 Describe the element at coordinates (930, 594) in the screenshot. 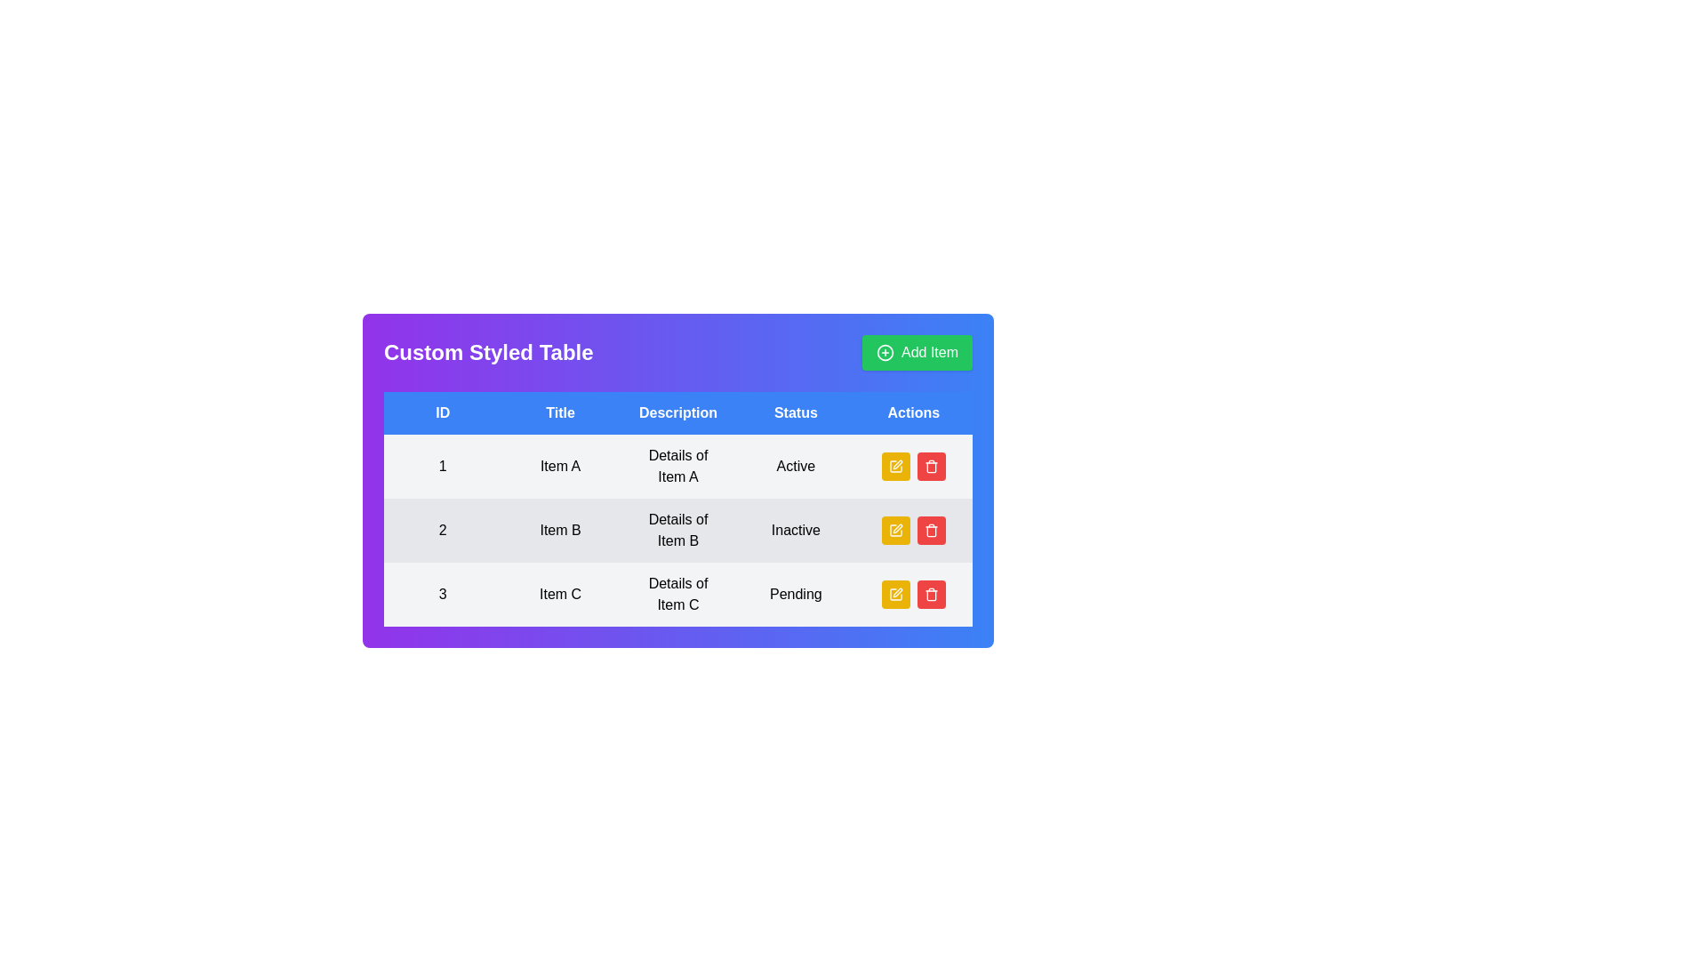

I see `the red rectangular button with rounded corners containing a white trash icon, which is the second button in the 'Actions' column of the third row of the table` at that location.